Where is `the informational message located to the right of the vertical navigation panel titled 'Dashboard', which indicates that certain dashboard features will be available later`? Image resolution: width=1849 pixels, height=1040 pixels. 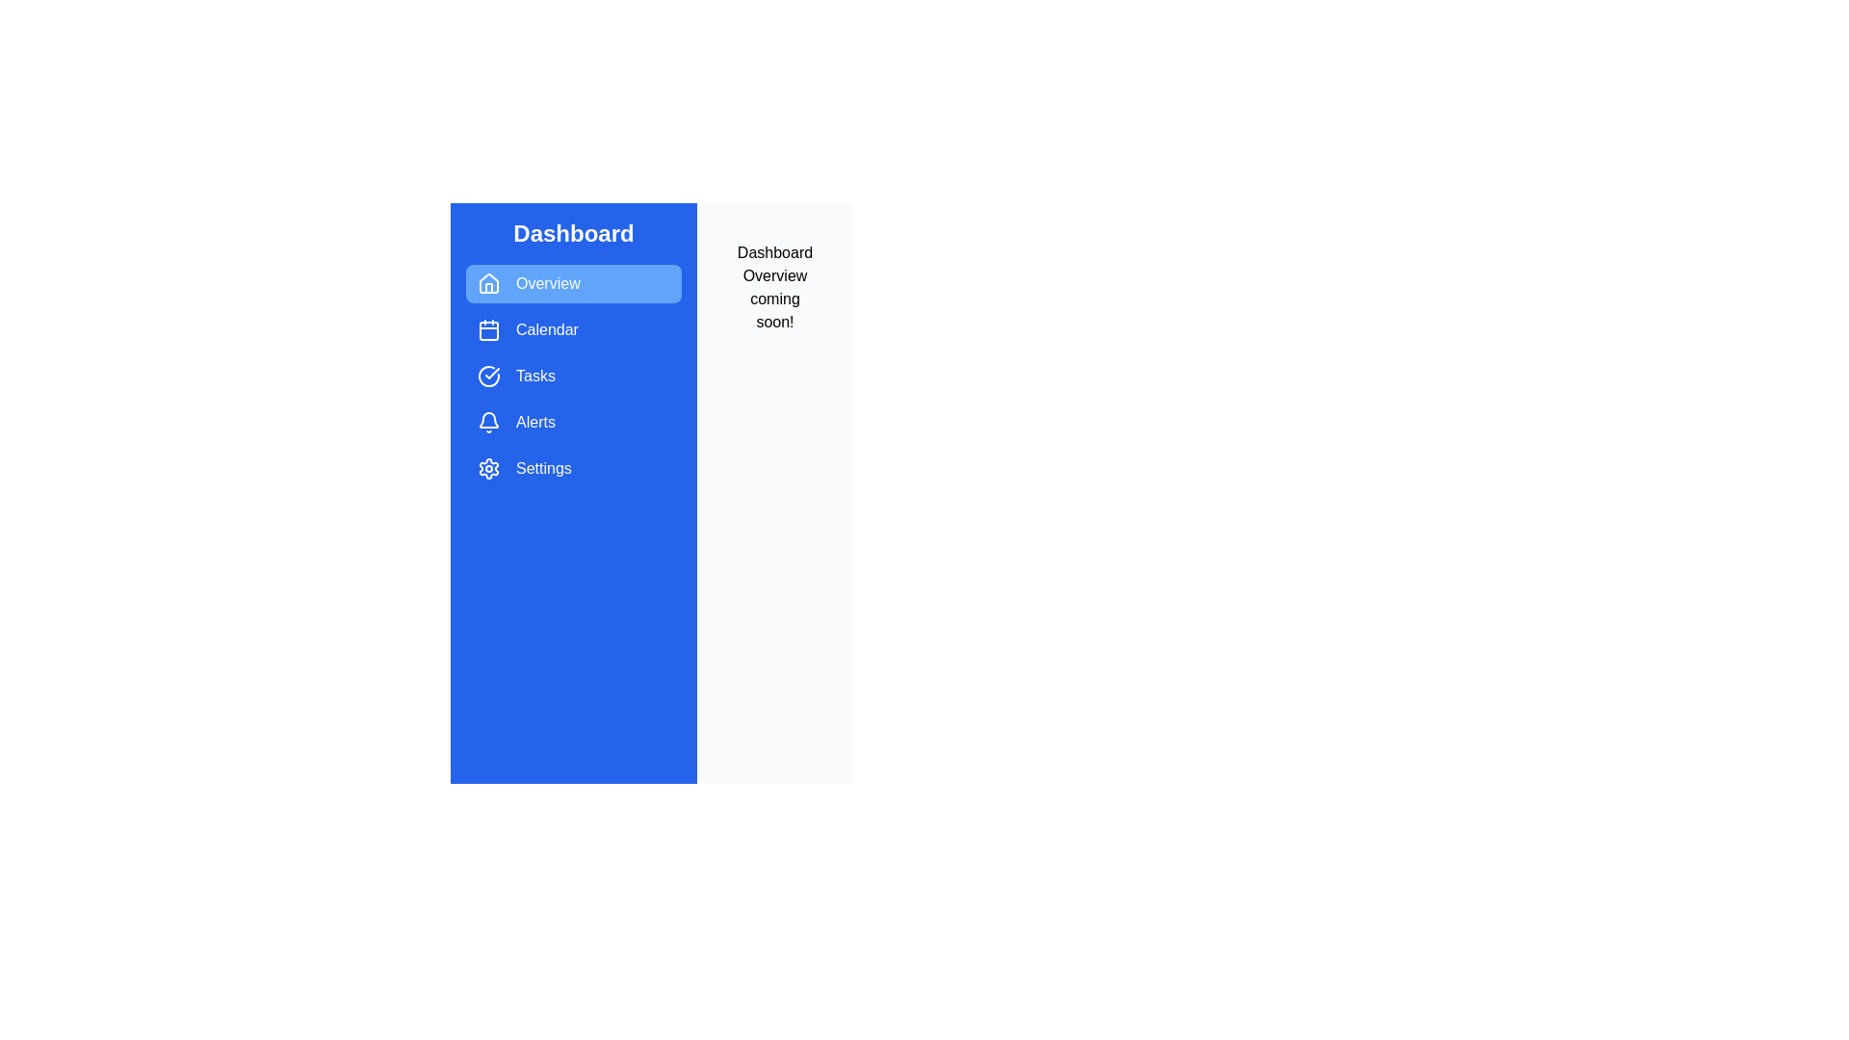 the informational message located to the right of the vertical navigation panel titled 'Dashboard', which indicates that certain dashboard features will be available later is located at coordinates (775, 288).